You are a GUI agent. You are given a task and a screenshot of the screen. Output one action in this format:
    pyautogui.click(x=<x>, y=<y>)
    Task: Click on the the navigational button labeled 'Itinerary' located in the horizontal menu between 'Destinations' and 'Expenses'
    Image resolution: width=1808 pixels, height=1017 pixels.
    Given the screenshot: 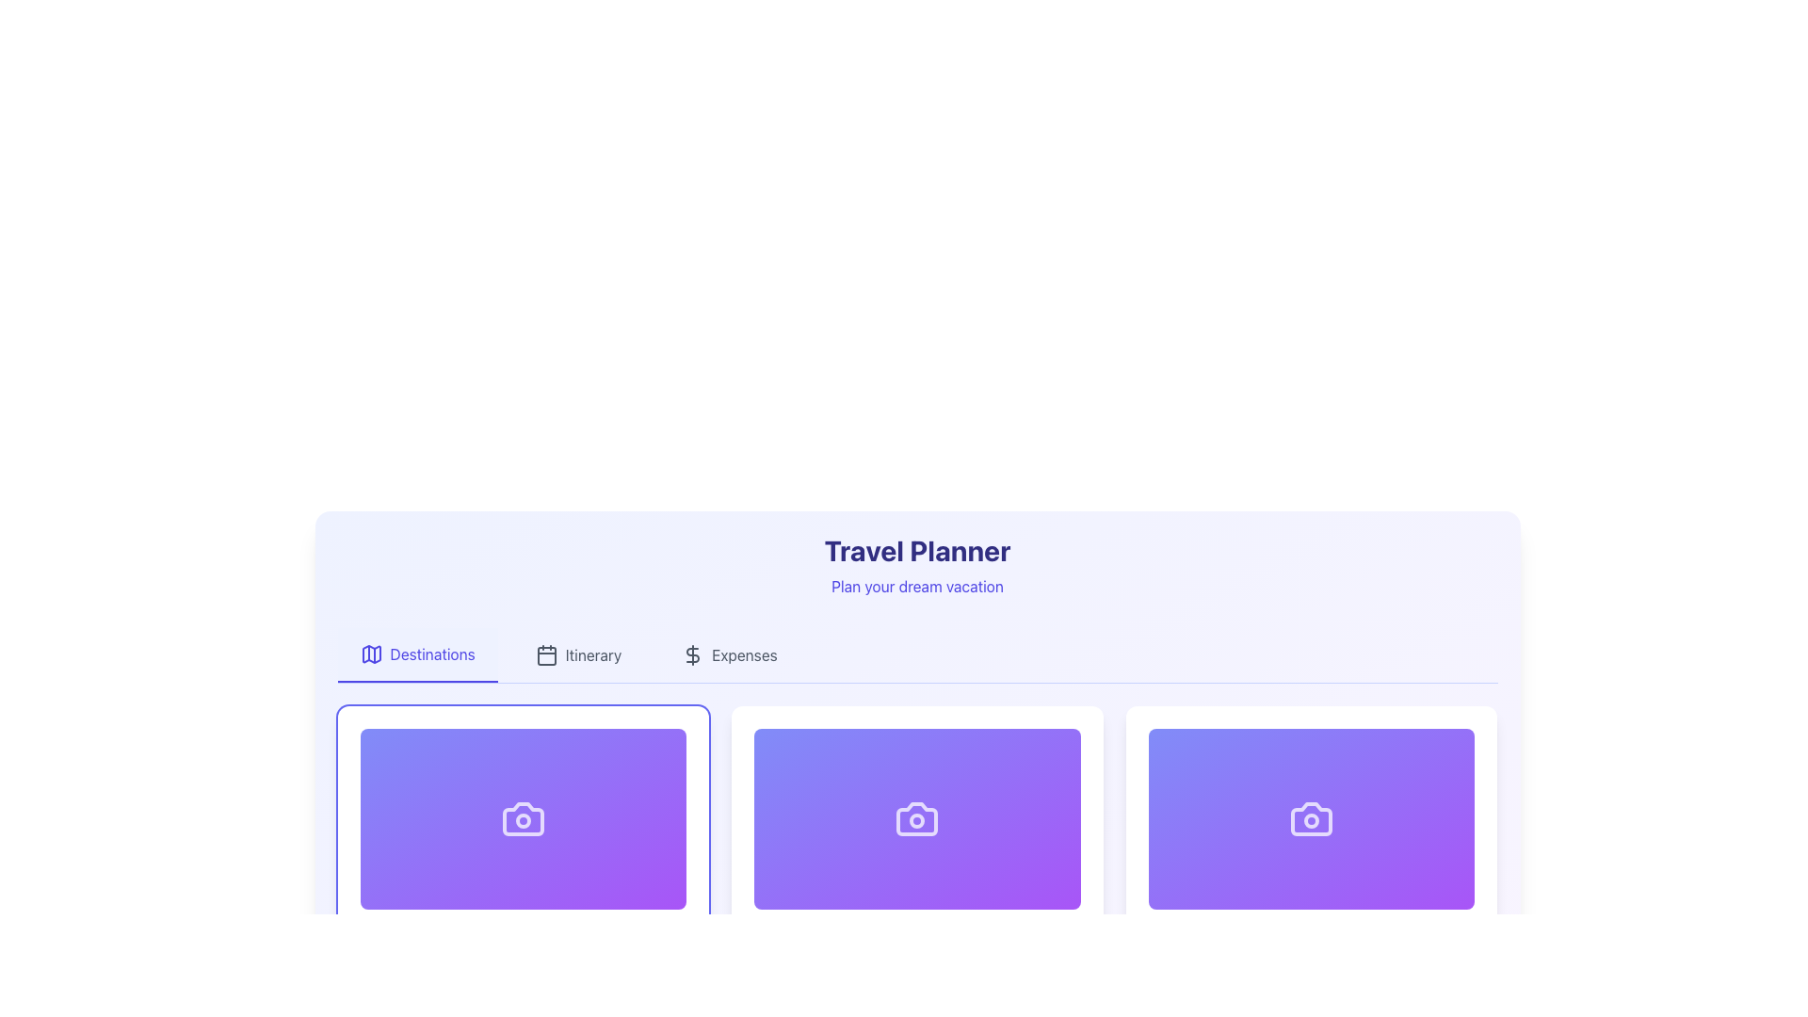 What is the action you would take?
    pyautogui.click(x=577, y=654)
    